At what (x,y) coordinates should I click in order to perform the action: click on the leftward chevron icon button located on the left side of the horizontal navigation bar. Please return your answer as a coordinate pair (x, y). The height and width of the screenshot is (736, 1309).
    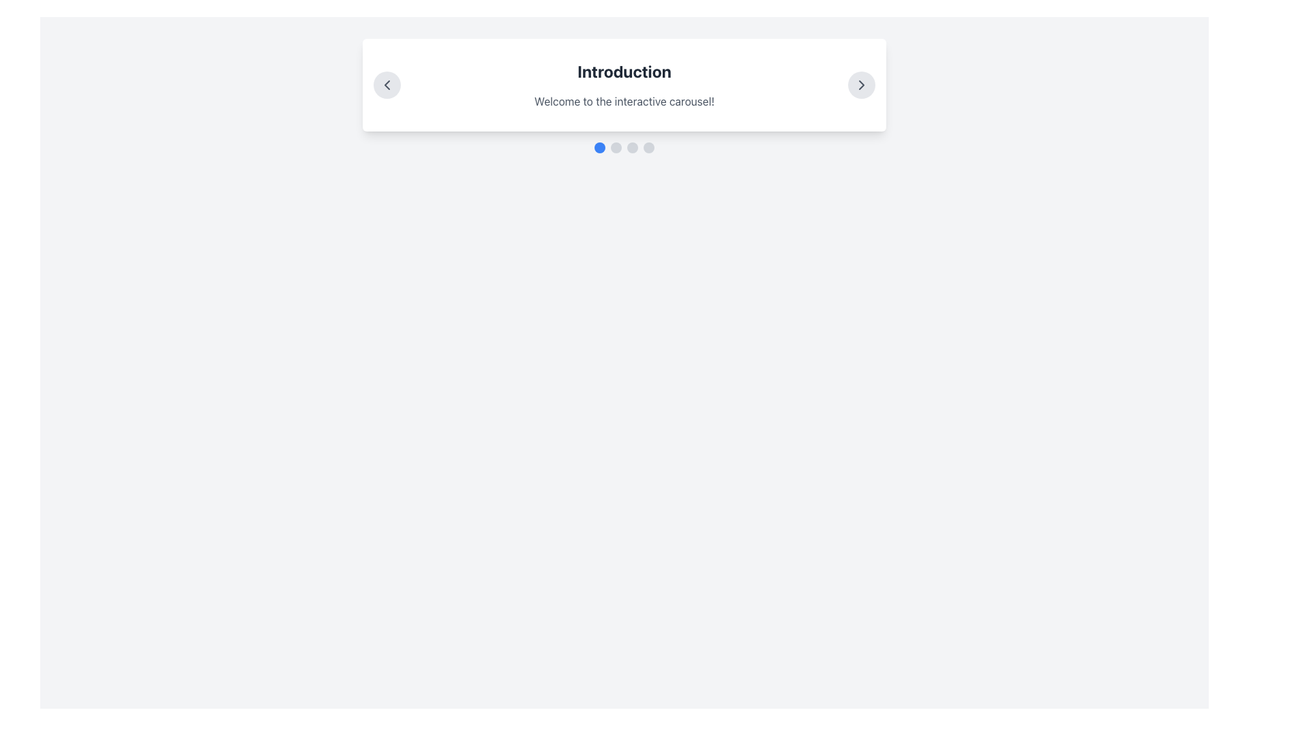
    Looking at the image, I should click on (386, 85).